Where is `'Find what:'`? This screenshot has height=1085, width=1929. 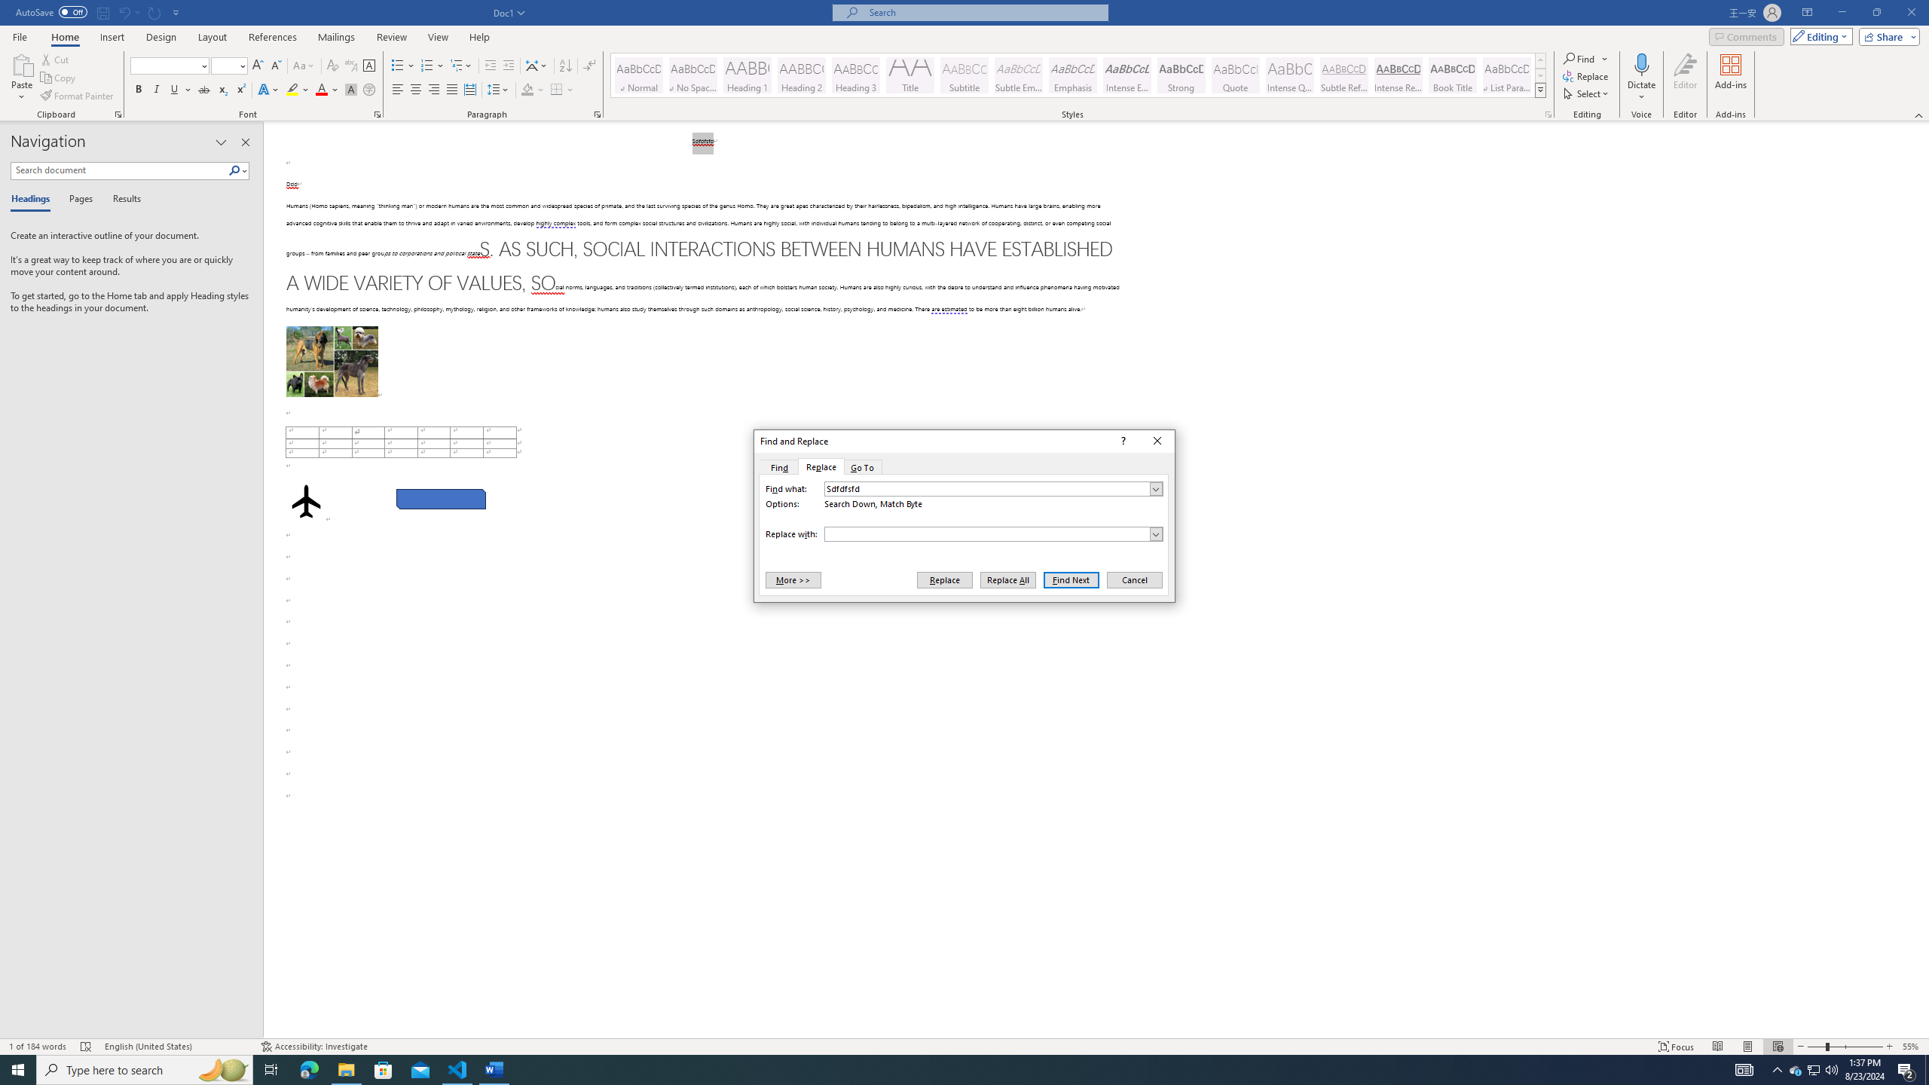 'Find what:' is located at coordinates (992, 488).